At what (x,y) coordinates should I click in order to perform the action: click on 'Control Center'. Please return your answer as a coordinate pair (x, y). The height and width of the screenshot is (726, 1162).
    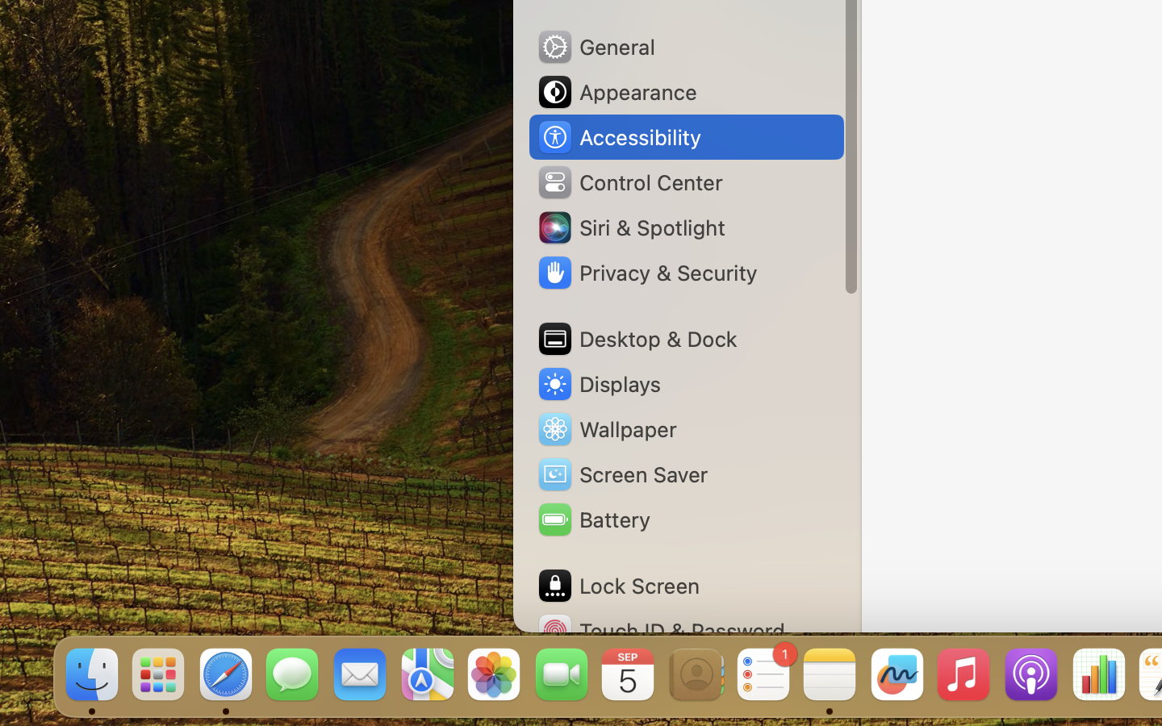
    Looking at the image, I should click on (629, 181).